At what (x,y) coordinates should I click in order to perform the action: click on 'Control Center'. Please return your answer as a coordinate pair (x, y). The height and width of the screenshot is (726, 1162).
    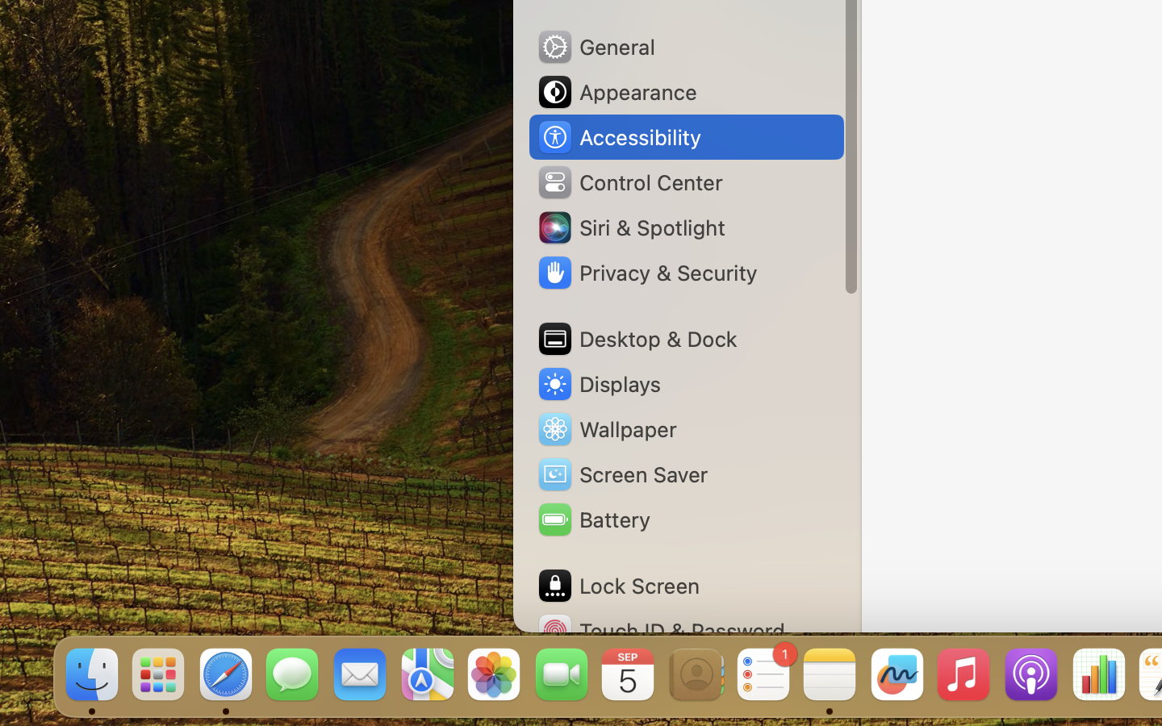
    Looking at the image, I should click on (629, 181).